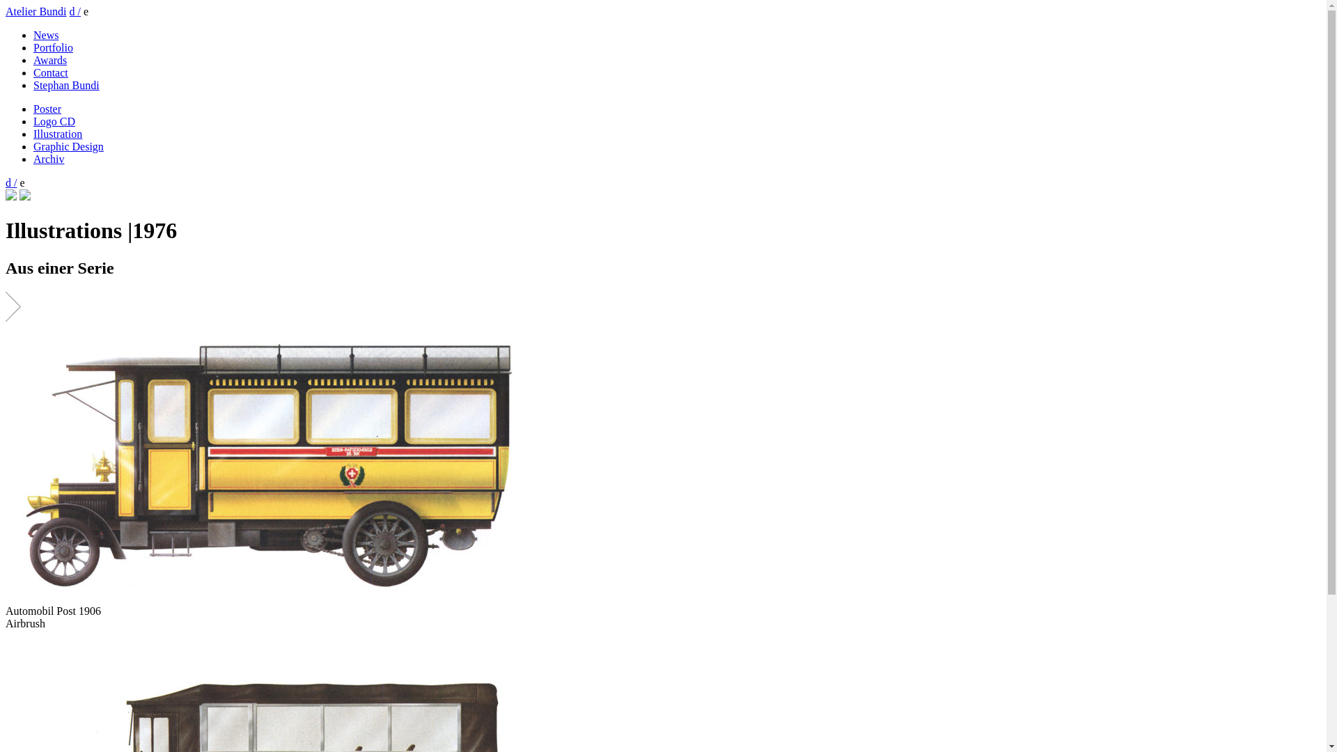 The image size is (1337, 752). What do you see at coordinates (53, 47) in the screenshot?
I see `'Portfolio'` at bounding box center [53, 47].